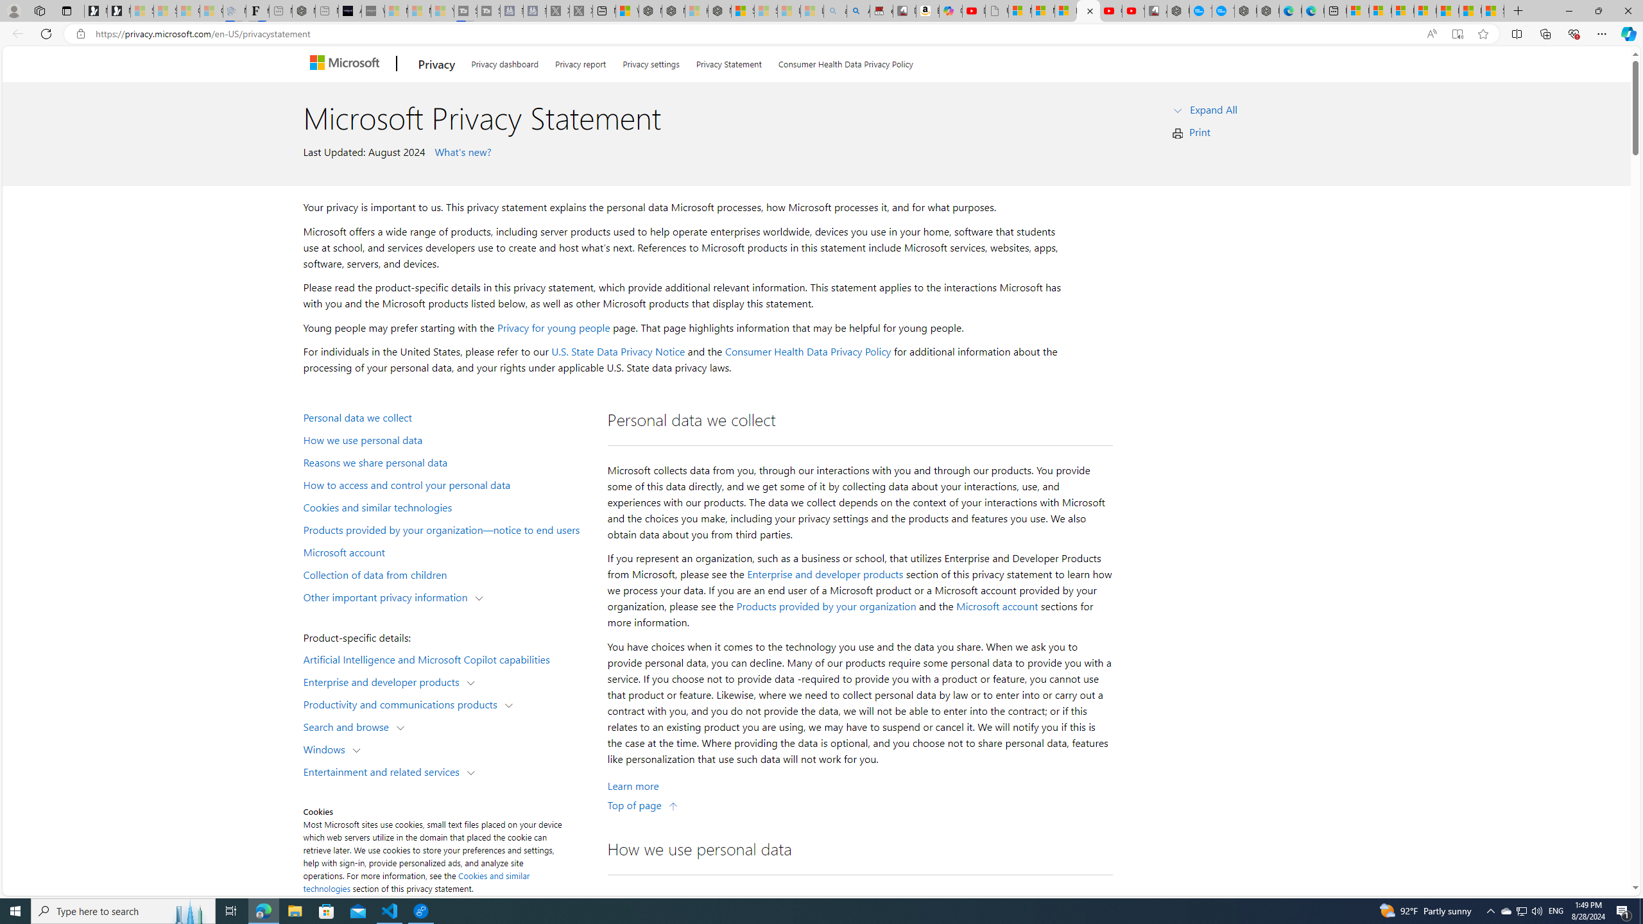 This screenshot has height=924, width=1643. I want to click on 'What', so click(374, 10).